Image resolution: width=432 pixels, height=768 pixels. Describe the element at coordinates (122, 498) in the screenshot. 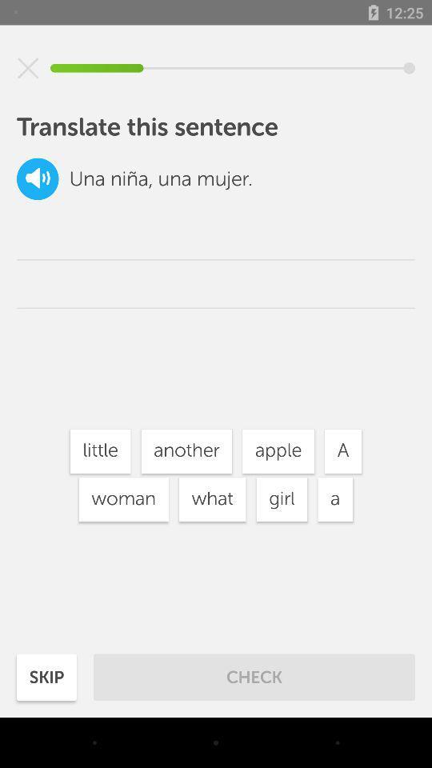

I see `the icon next to what item` at that location.